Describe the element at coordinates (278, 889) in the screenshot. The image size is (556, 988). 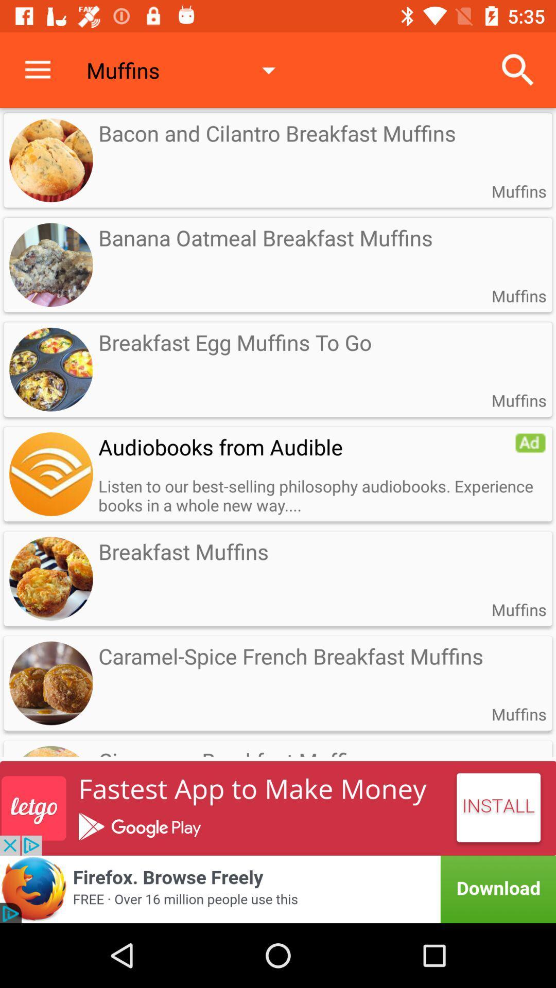
I see `click bottom advertisement` at that location.